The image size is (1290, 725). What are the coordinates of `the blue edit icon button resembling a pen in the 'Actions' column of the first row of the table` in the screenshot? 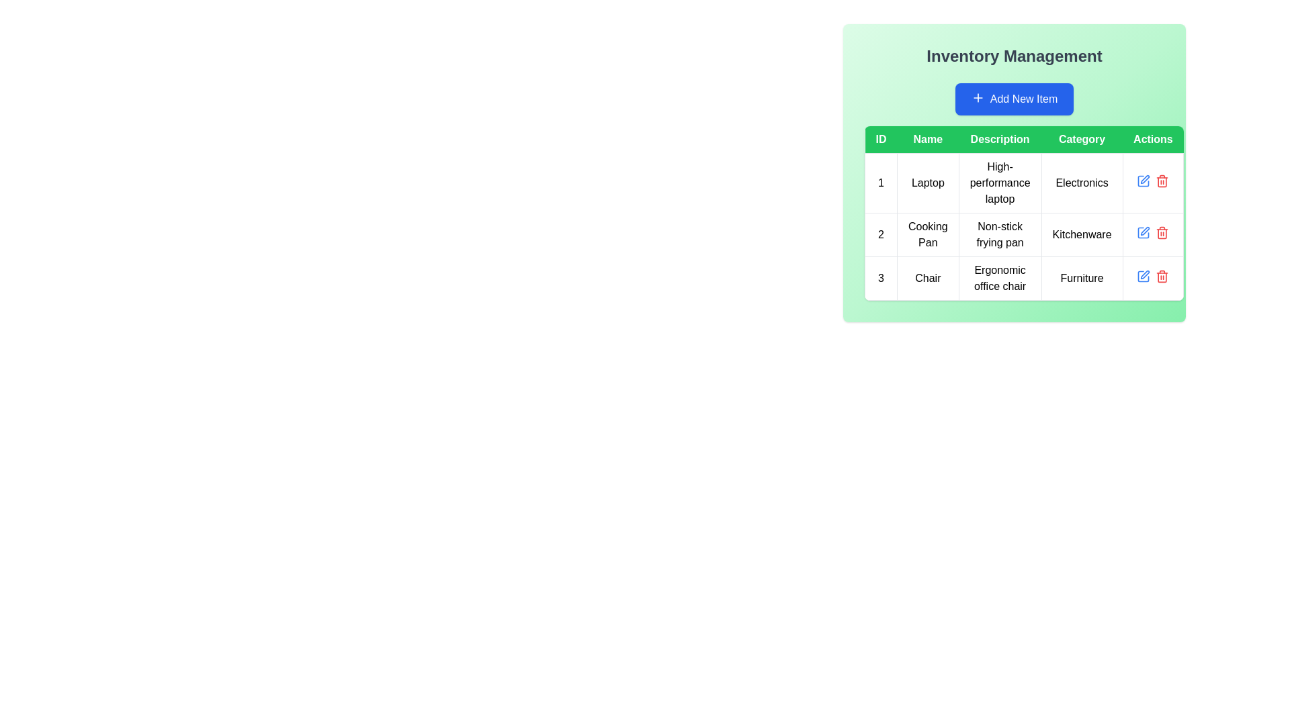 It's located at (1143, 180).